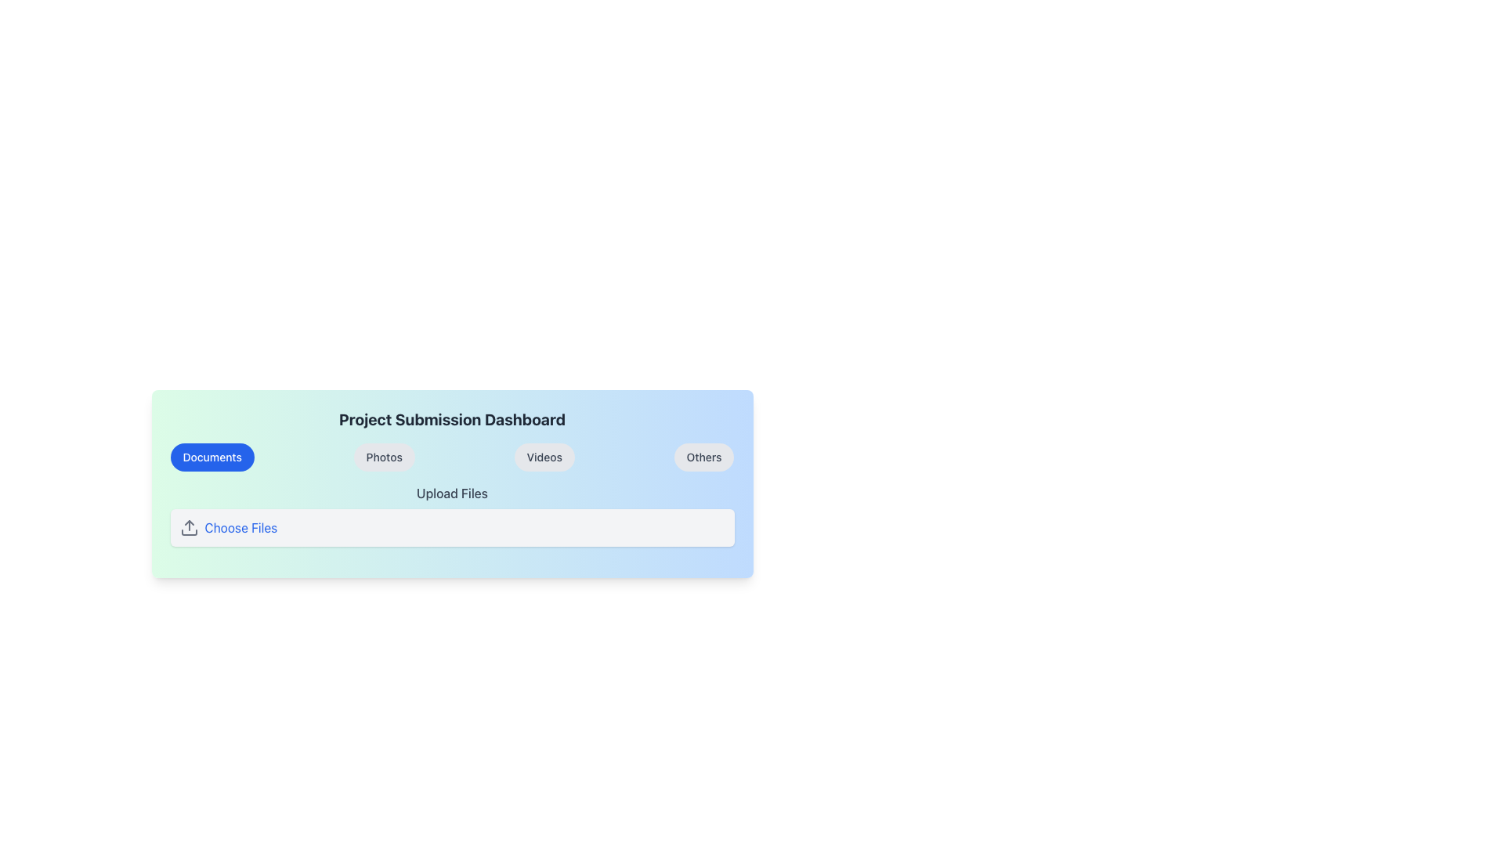  What do you see at coordinates (188, 531) in the screenshot?
I see `the bottom horizontal line of the upload icon` at bounding box center [188, 531].